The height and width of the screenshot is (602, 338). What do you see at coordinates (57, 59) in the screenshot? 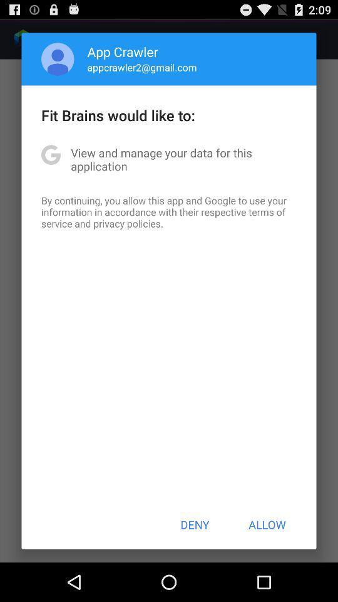
I see `app above the fit brains would item` at bounding box center [57, 59].